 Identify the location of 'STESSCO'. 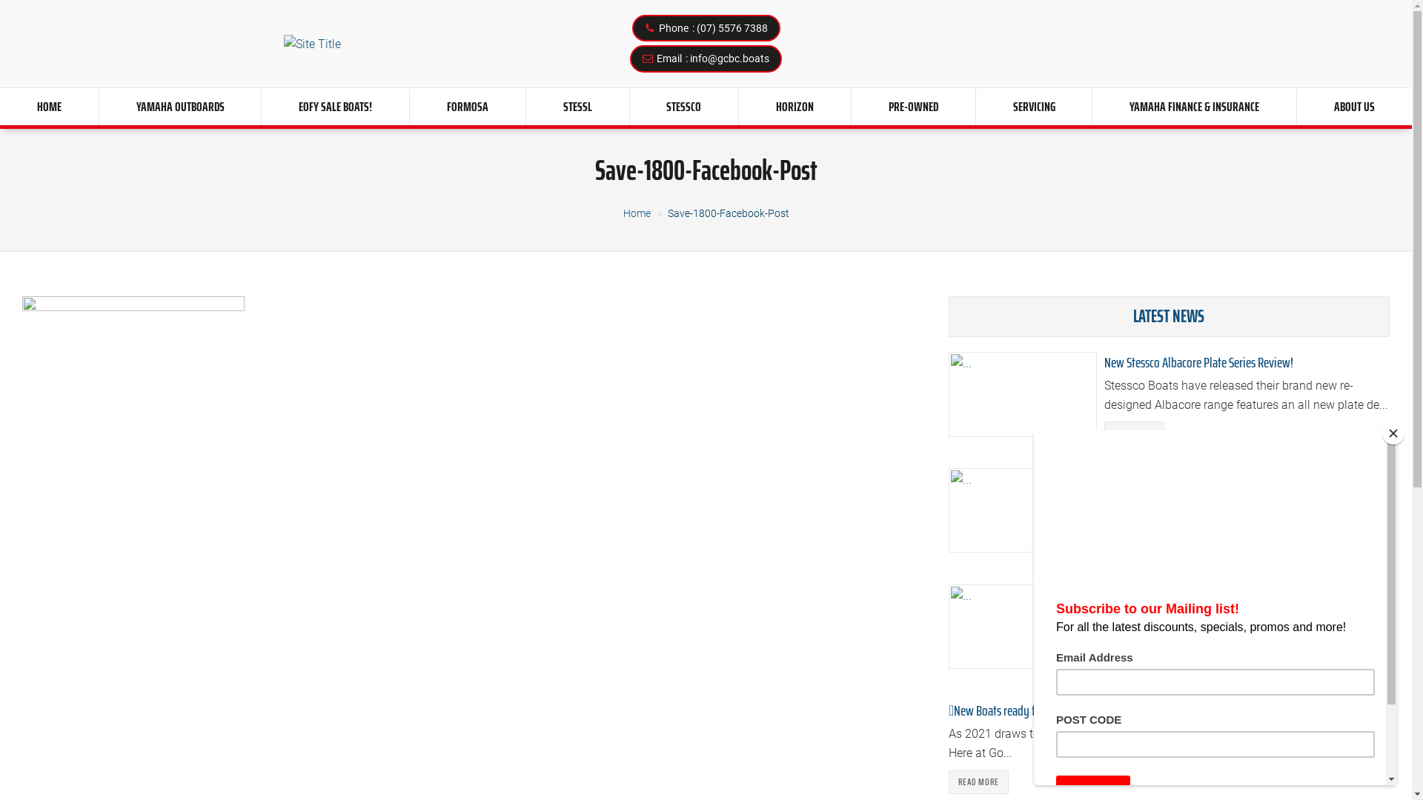
(683, 105).